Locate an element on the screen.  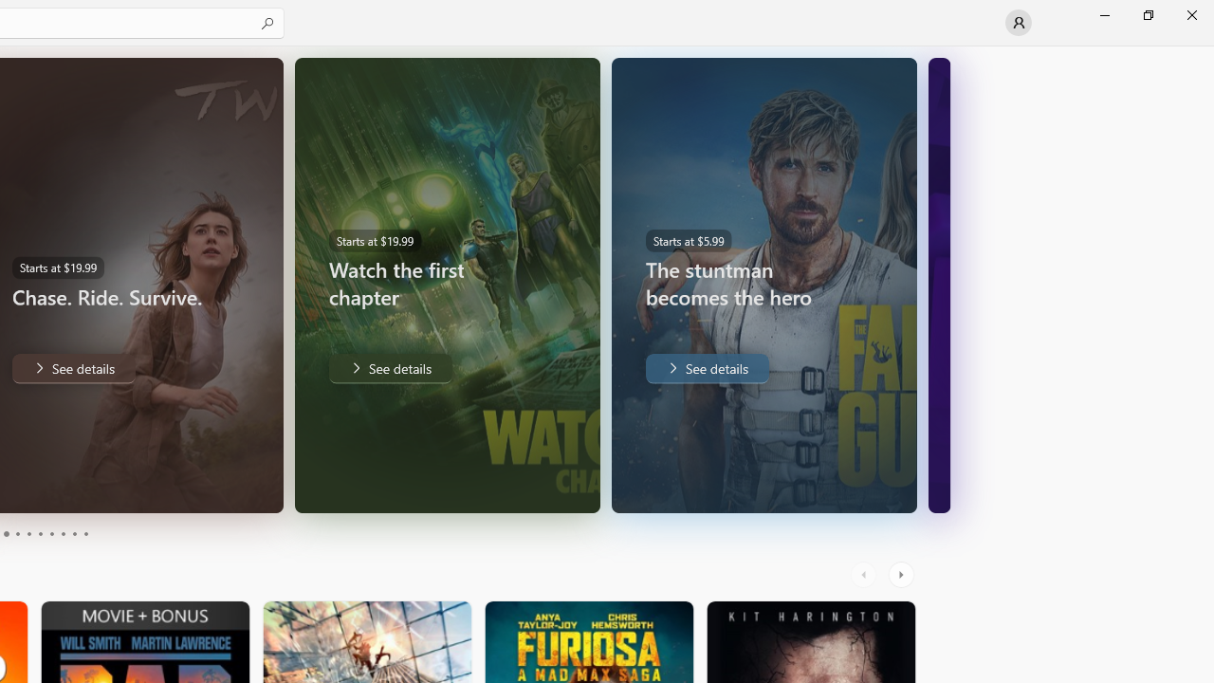
'Page 7' is located at coordinates (51, 534).